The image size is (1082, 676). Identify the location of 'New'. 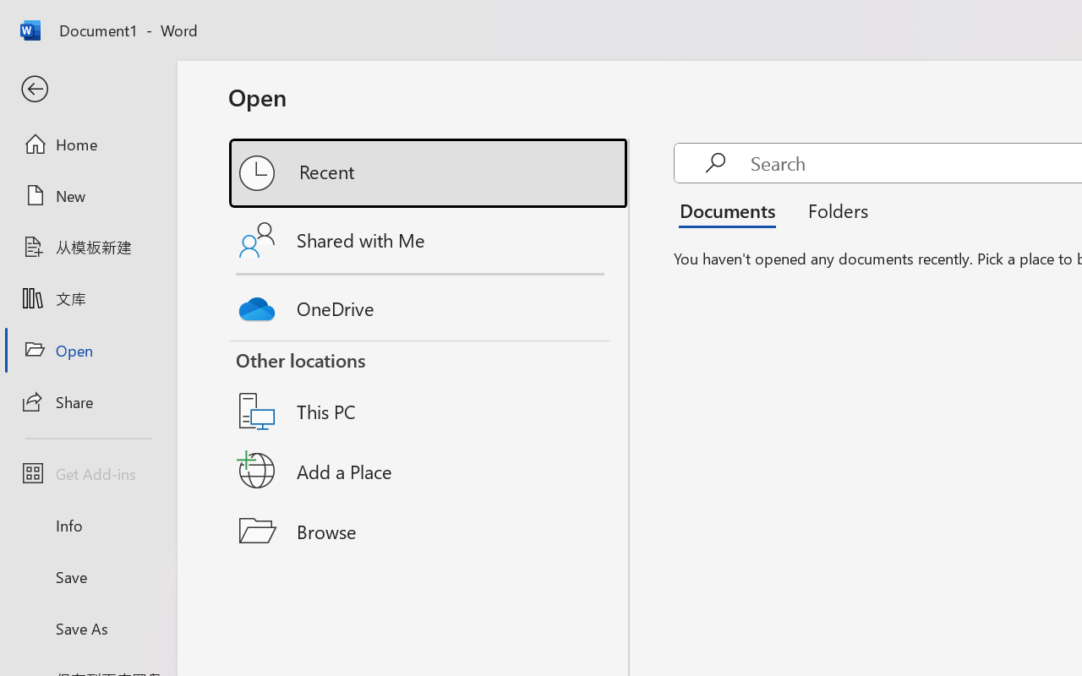
(87, 195).